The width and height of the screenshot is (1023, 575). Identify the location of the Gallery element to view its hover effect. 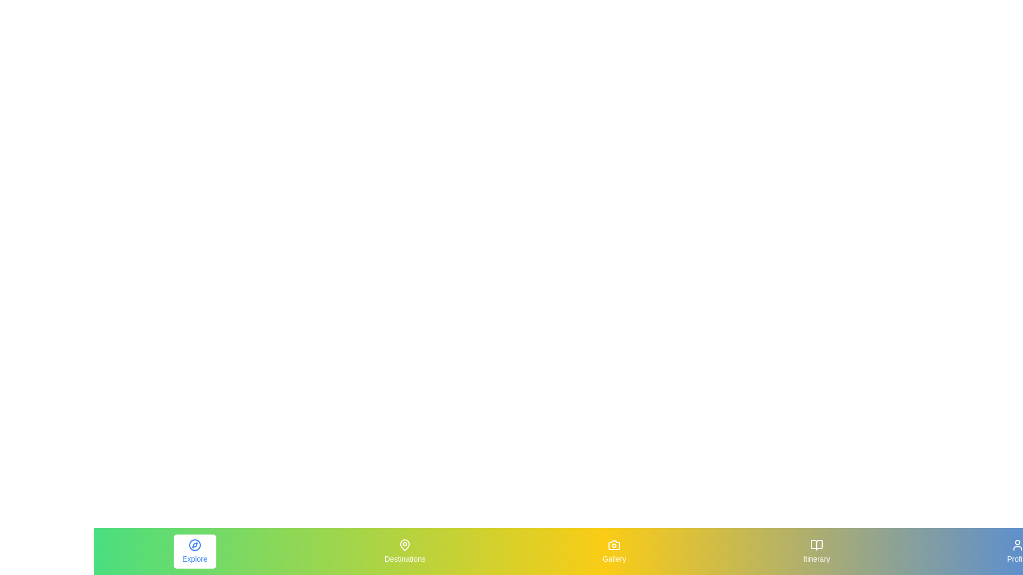
(614, 551).